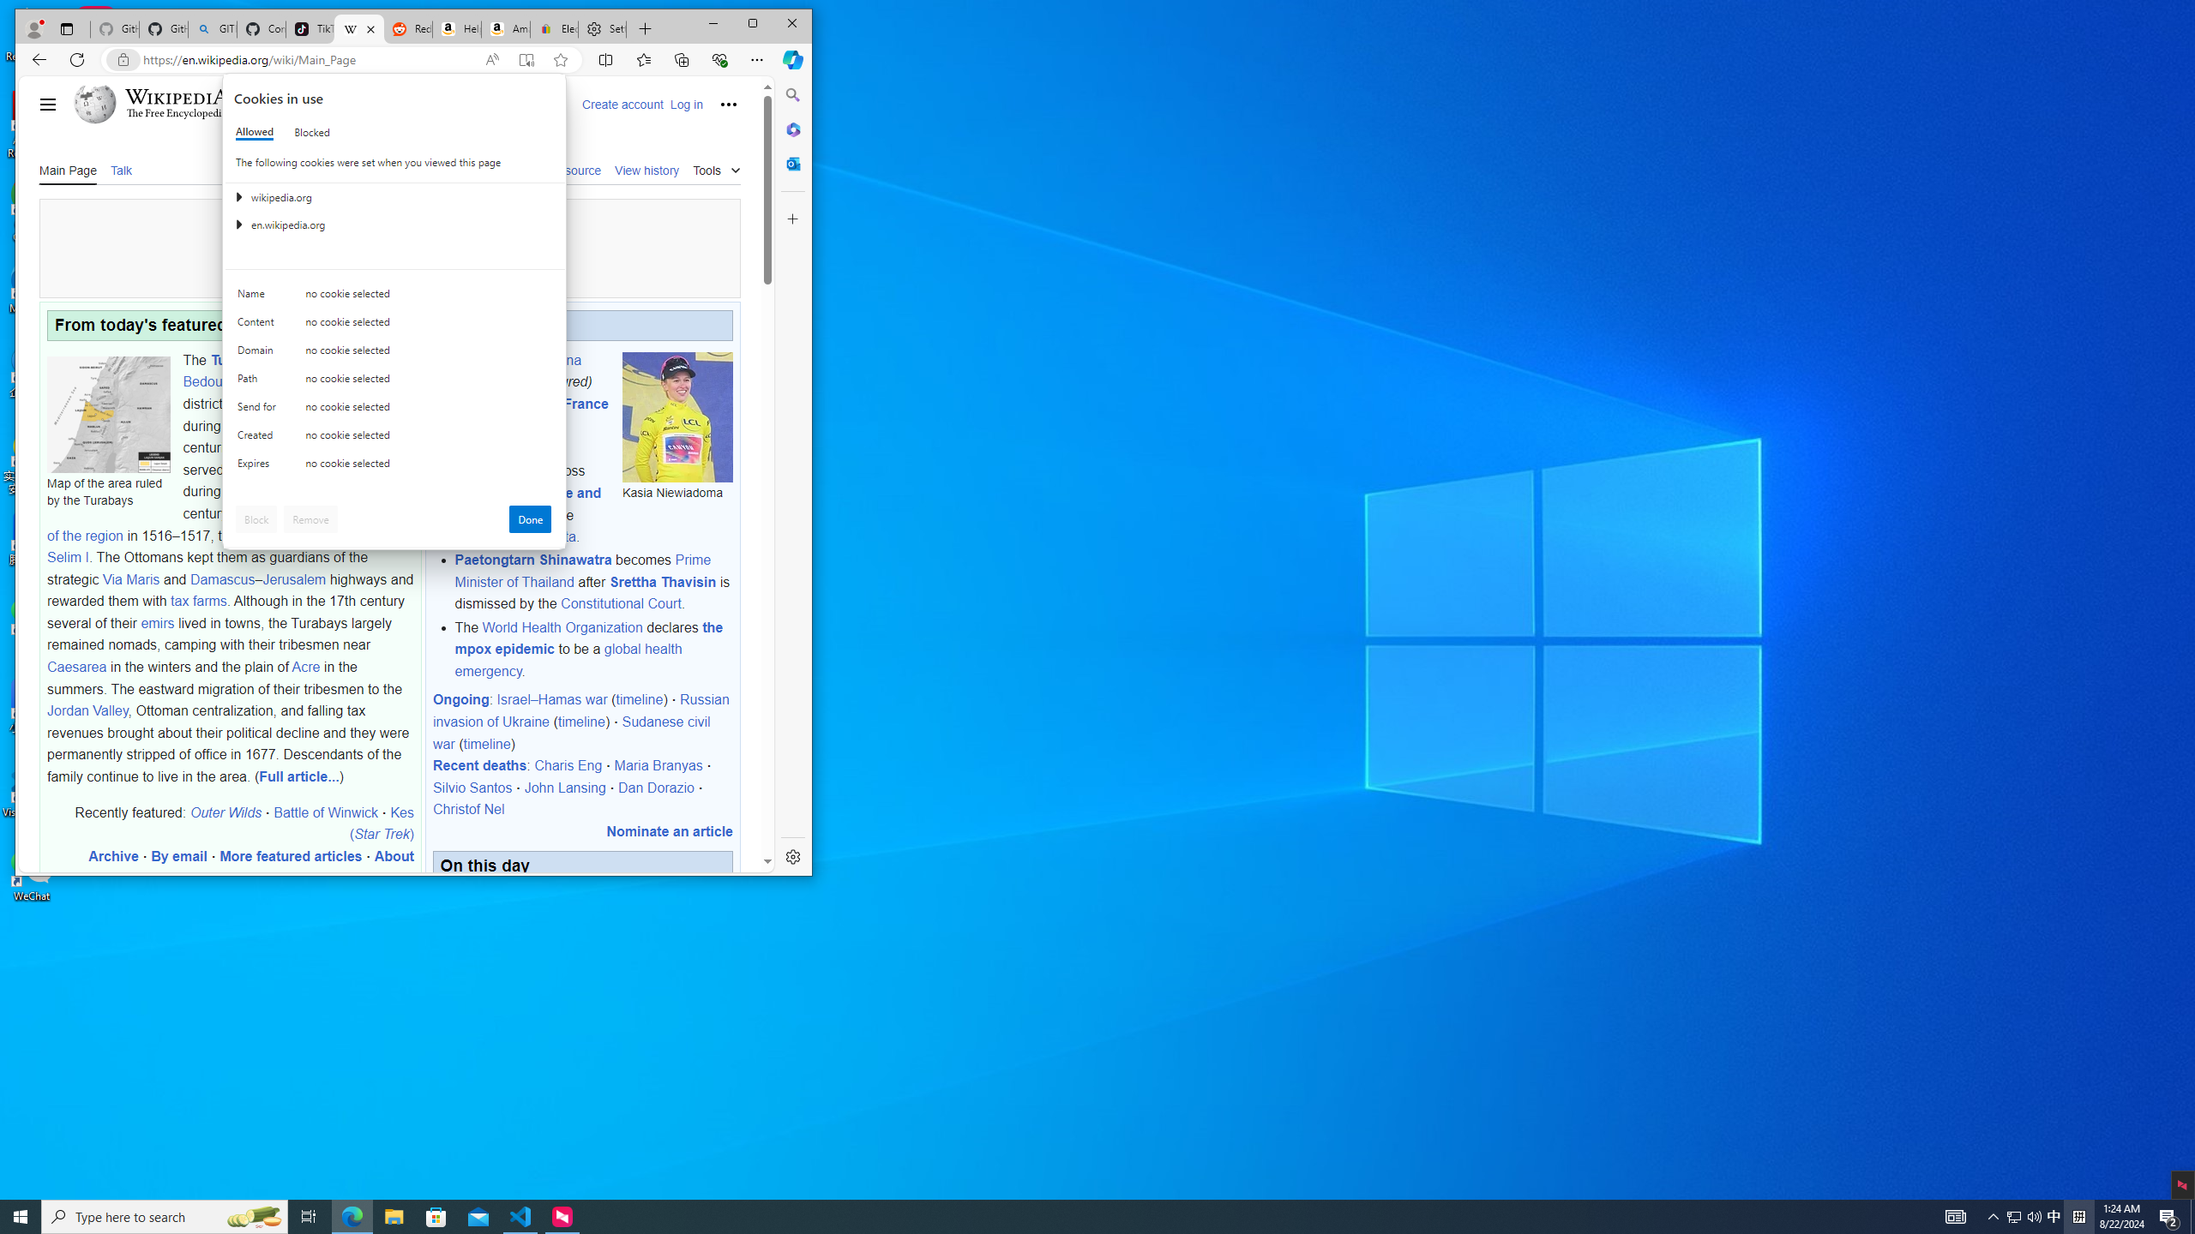 This screenshot has height=1234, width=2195. I want to click on 'Path', so click(259, 381).